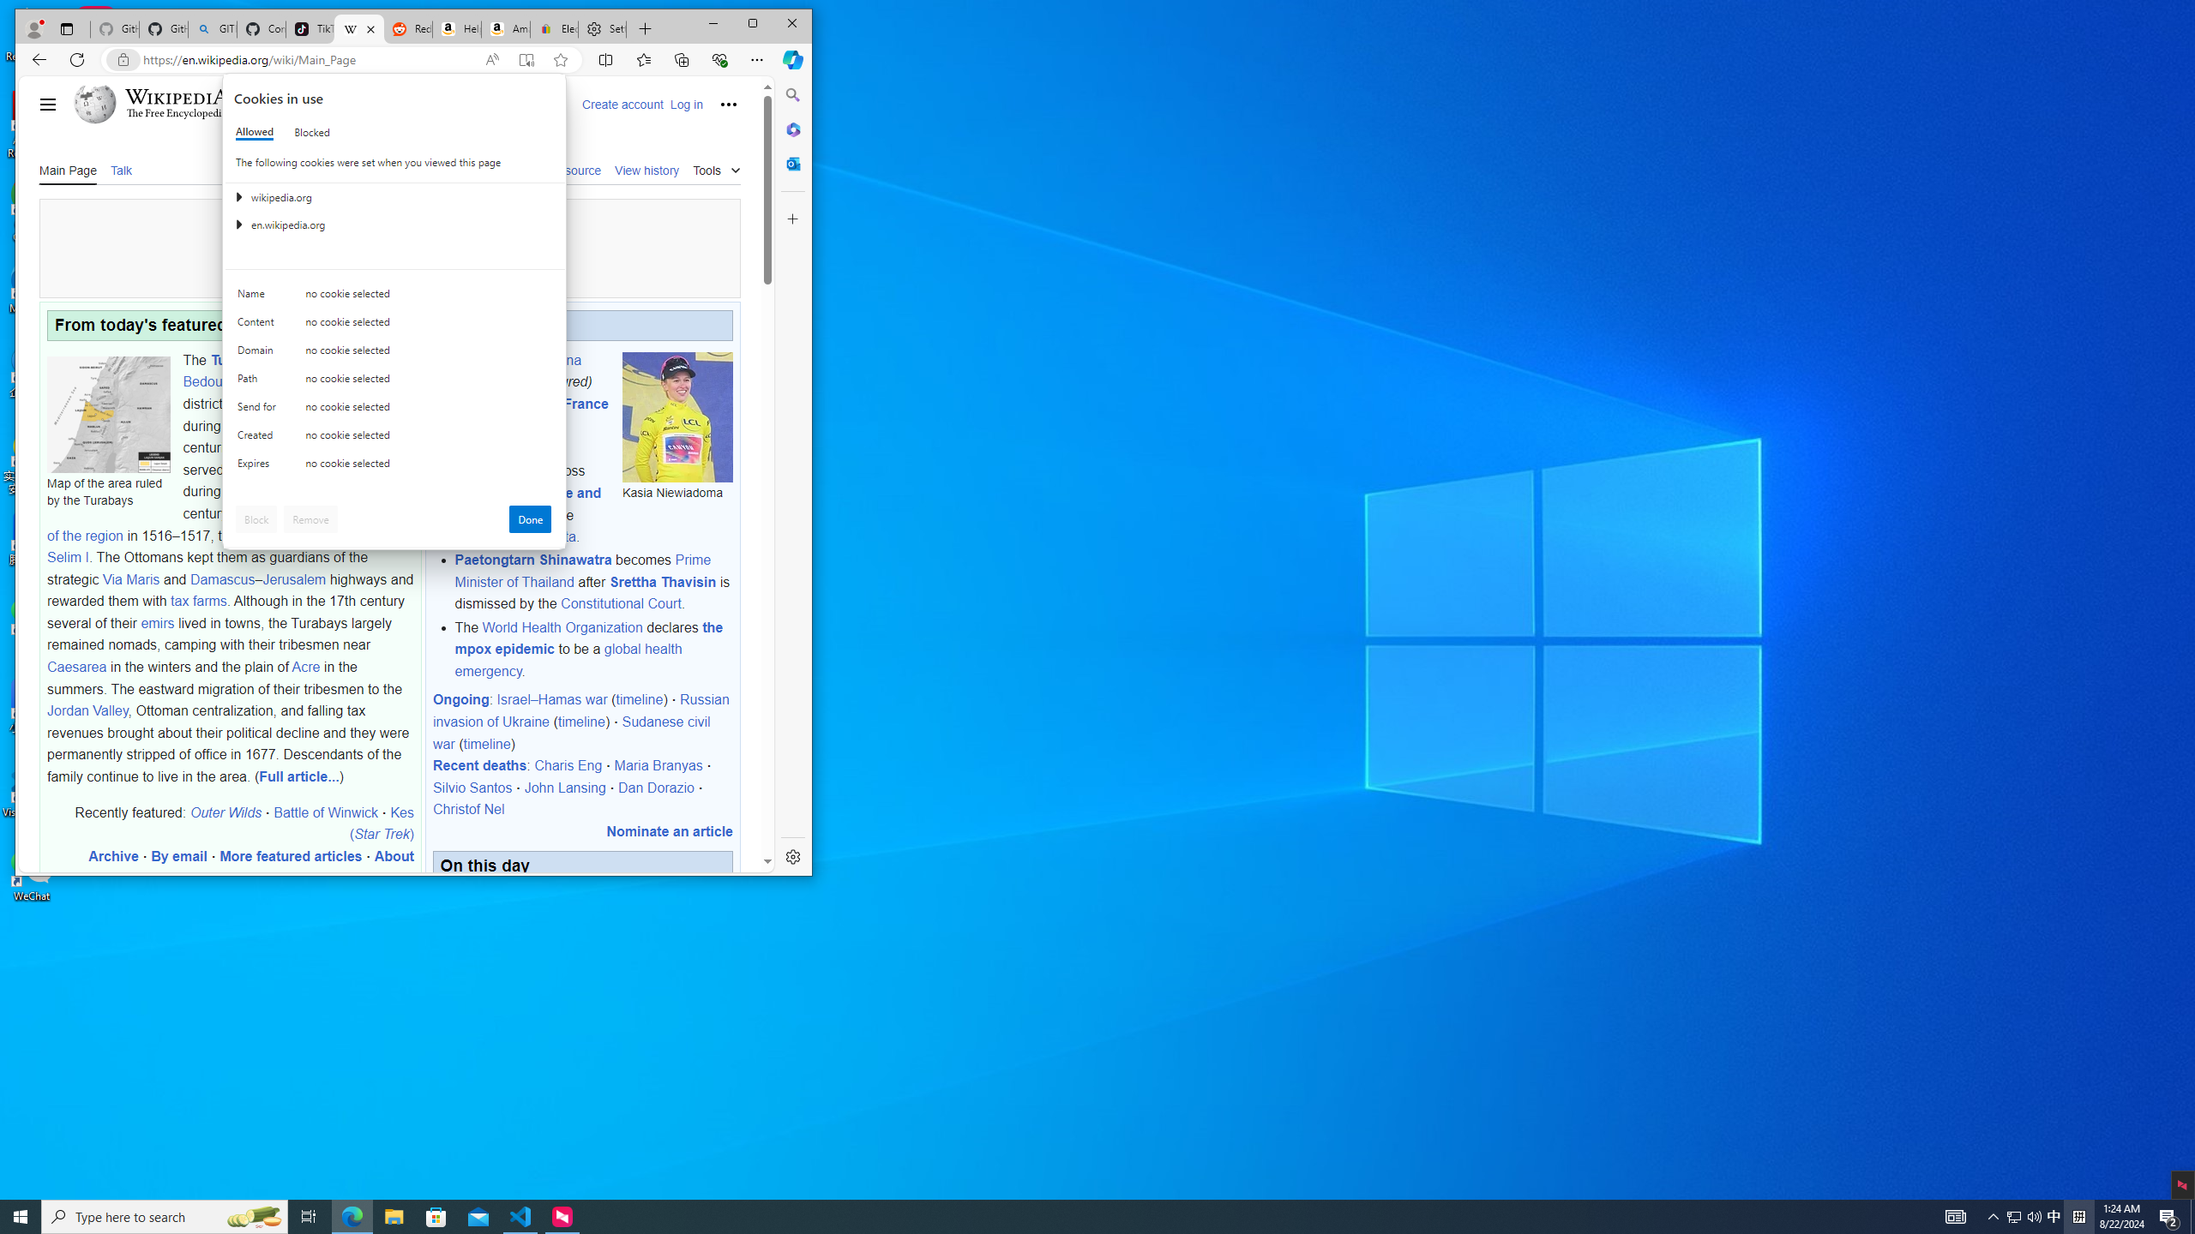 This screenshot has height=1234, width=2195. I want to click on 'Path', so click(259, 381).